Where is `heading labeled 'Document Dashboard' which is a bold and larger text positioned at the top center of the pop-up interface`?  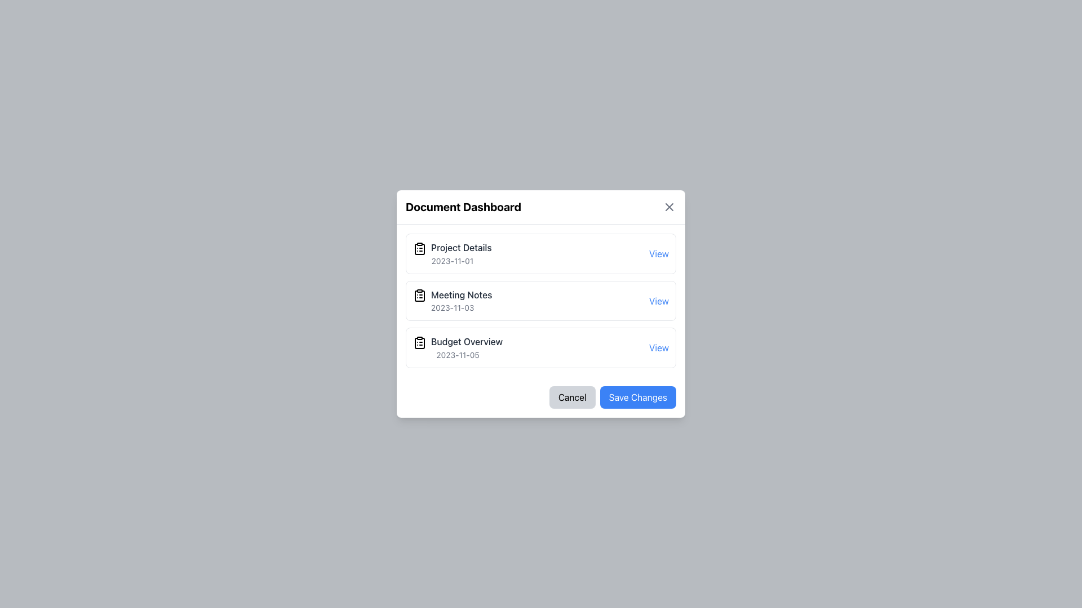 heading labeled 'Document Dashboard' which is a bold and larger text positioned at the top center of the pop-up interface is located at coordinates (463, 207).